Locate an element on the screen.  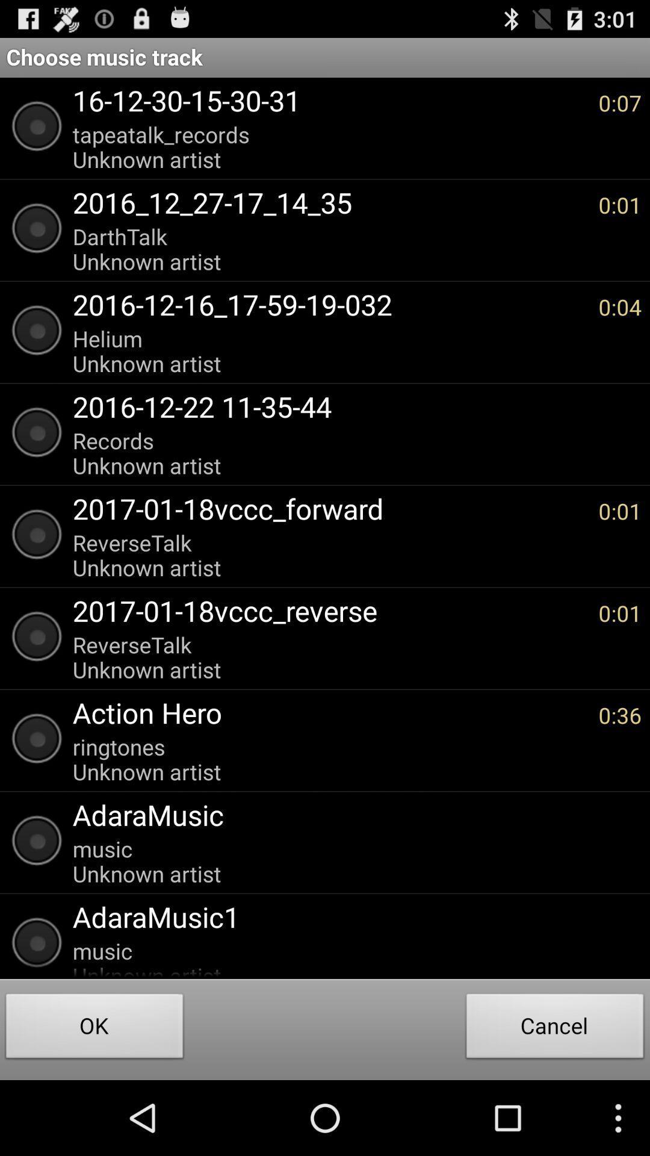
the app above 2016_12_27-17_14_35 is located at coordinates (329, 146).